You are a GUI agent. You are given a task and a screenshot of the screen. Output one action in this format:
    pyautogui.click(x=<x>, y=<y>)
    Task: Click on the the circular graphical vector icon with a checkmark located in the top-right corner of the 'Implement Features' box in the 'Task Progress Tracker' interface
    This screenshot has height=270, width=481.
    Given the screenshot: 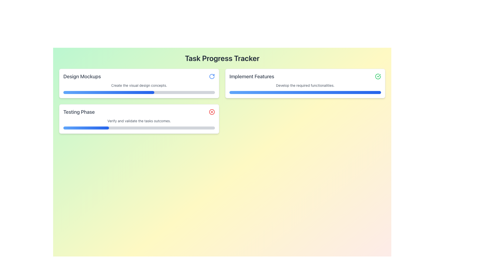 What is the action you would take?
    pyautogui.click(x=378, y=76)
    